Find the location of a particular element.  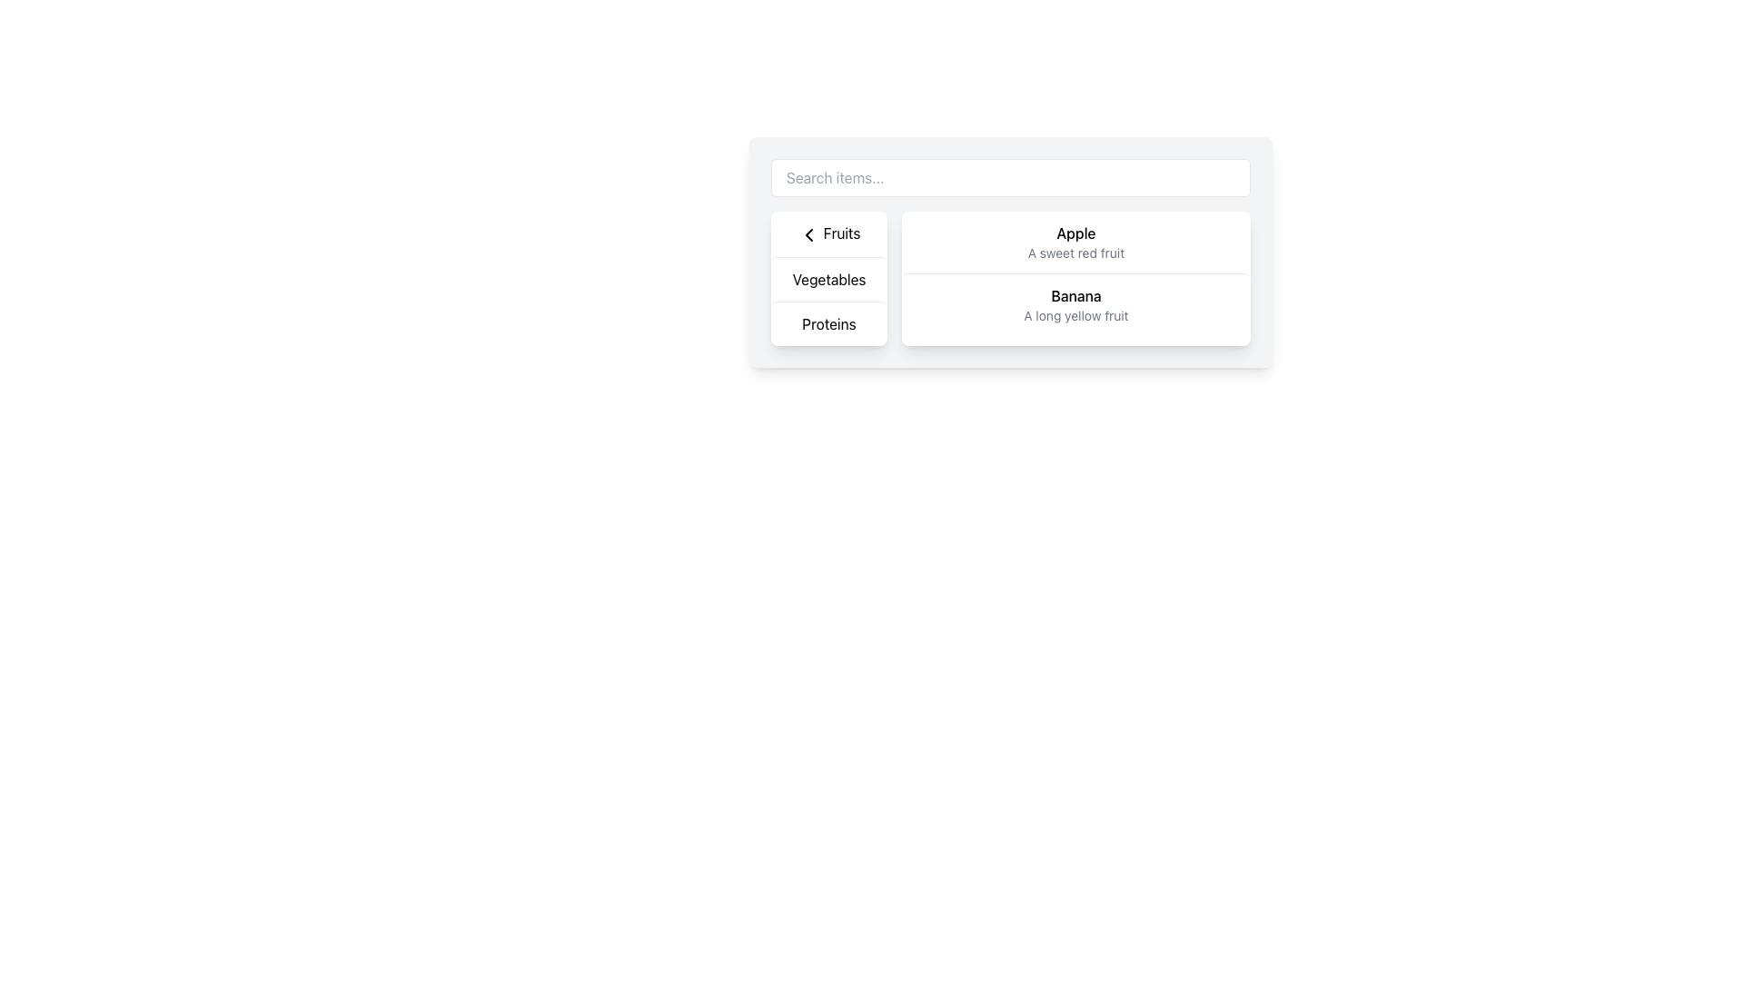

the 'Proteins' button, the last button in the vertical list of category buttons, to observe the visual hover effect is located at coordinates (827, 322).